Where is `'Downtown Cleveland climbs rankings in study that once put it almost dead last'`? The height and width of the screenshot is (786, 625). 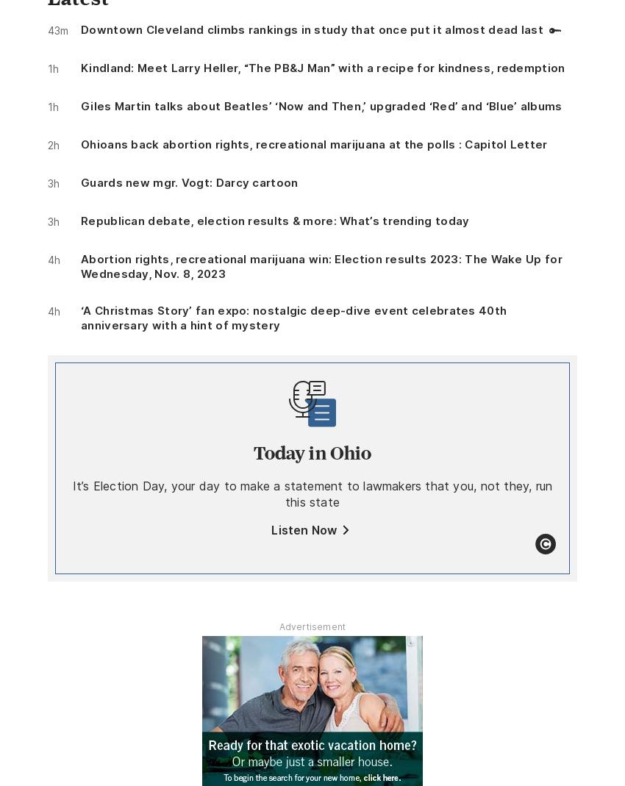
'Downtown Cleveland climbs rankings in study that once put it almost dead last' is located at coordinates (312, 28).